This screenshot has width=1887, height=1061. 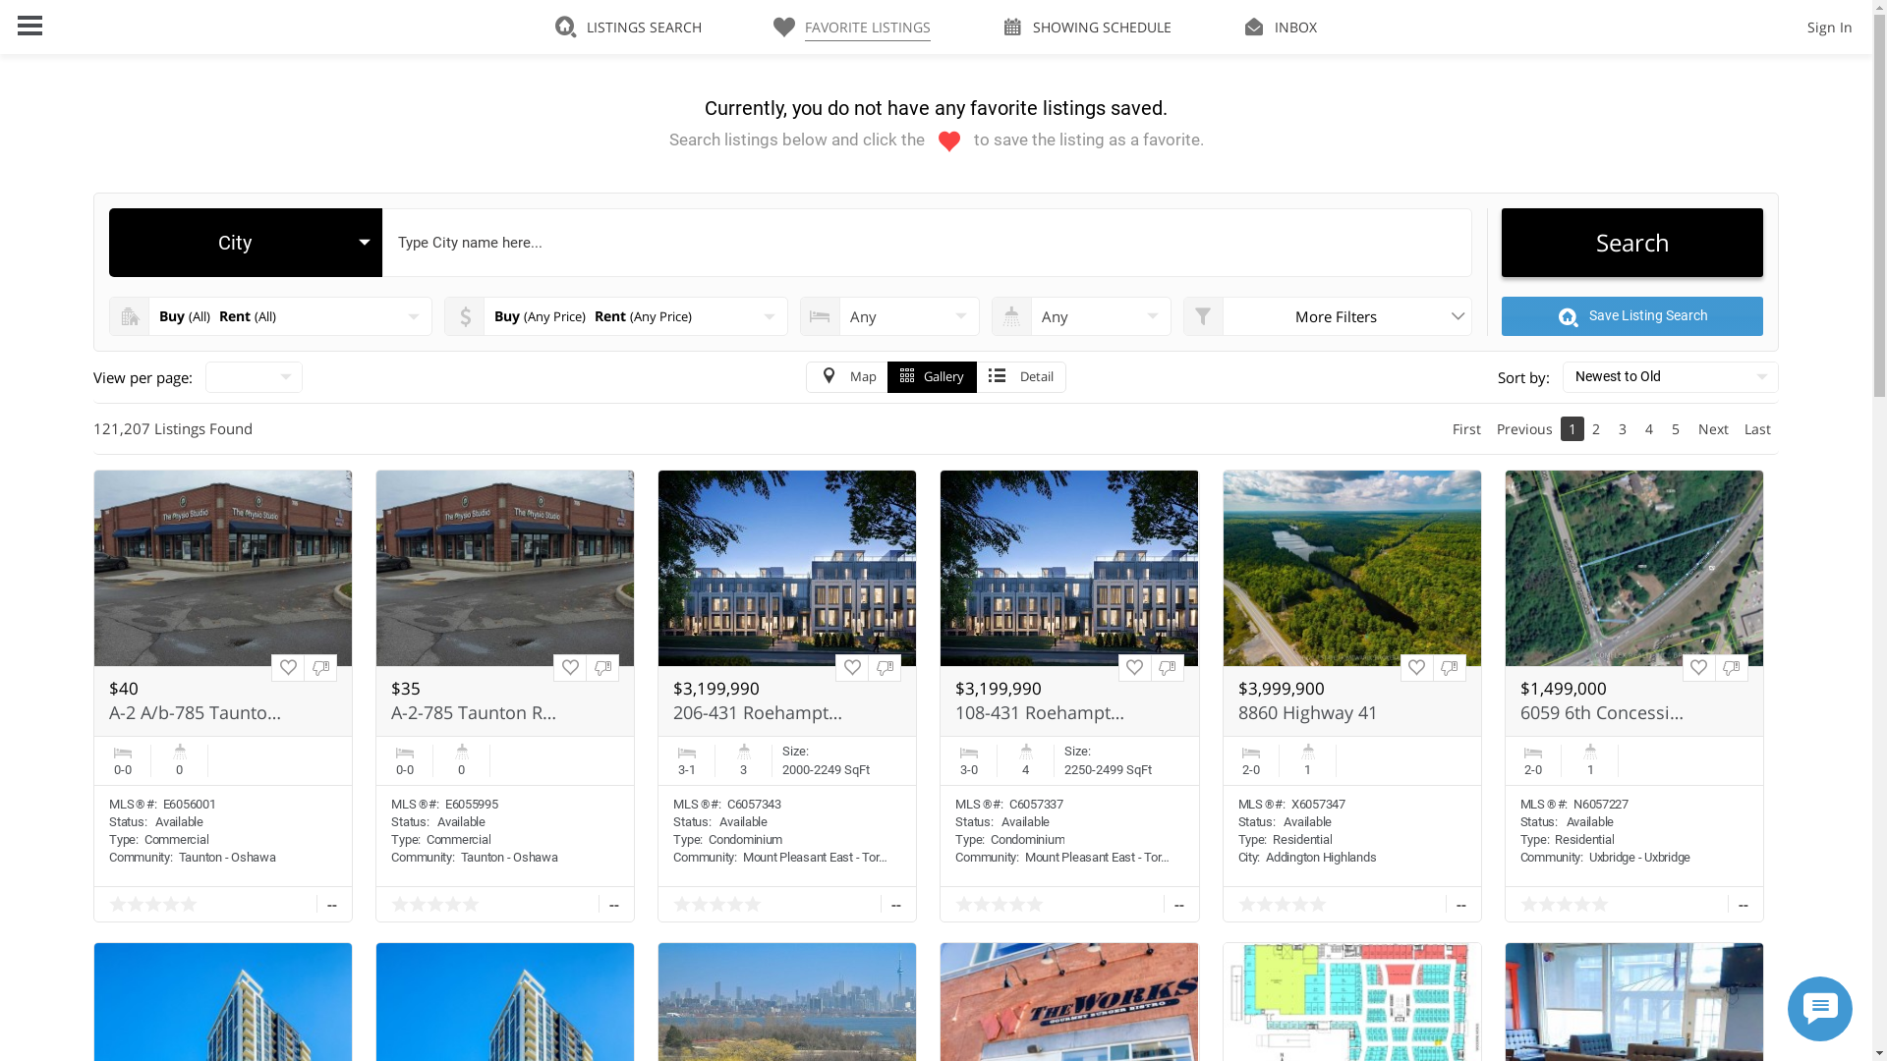 I want to click on 'Gallery', so click(x=931, y=377).